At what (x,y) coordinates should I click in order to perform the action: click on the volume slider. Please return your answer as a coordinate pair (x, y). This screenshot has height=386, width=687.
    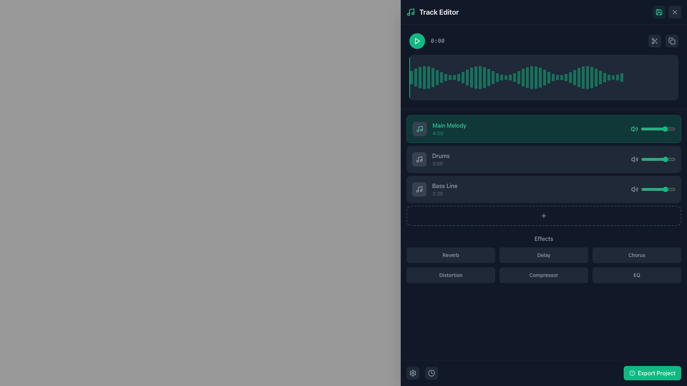
    Looking at the image, I should click on (669, 129).